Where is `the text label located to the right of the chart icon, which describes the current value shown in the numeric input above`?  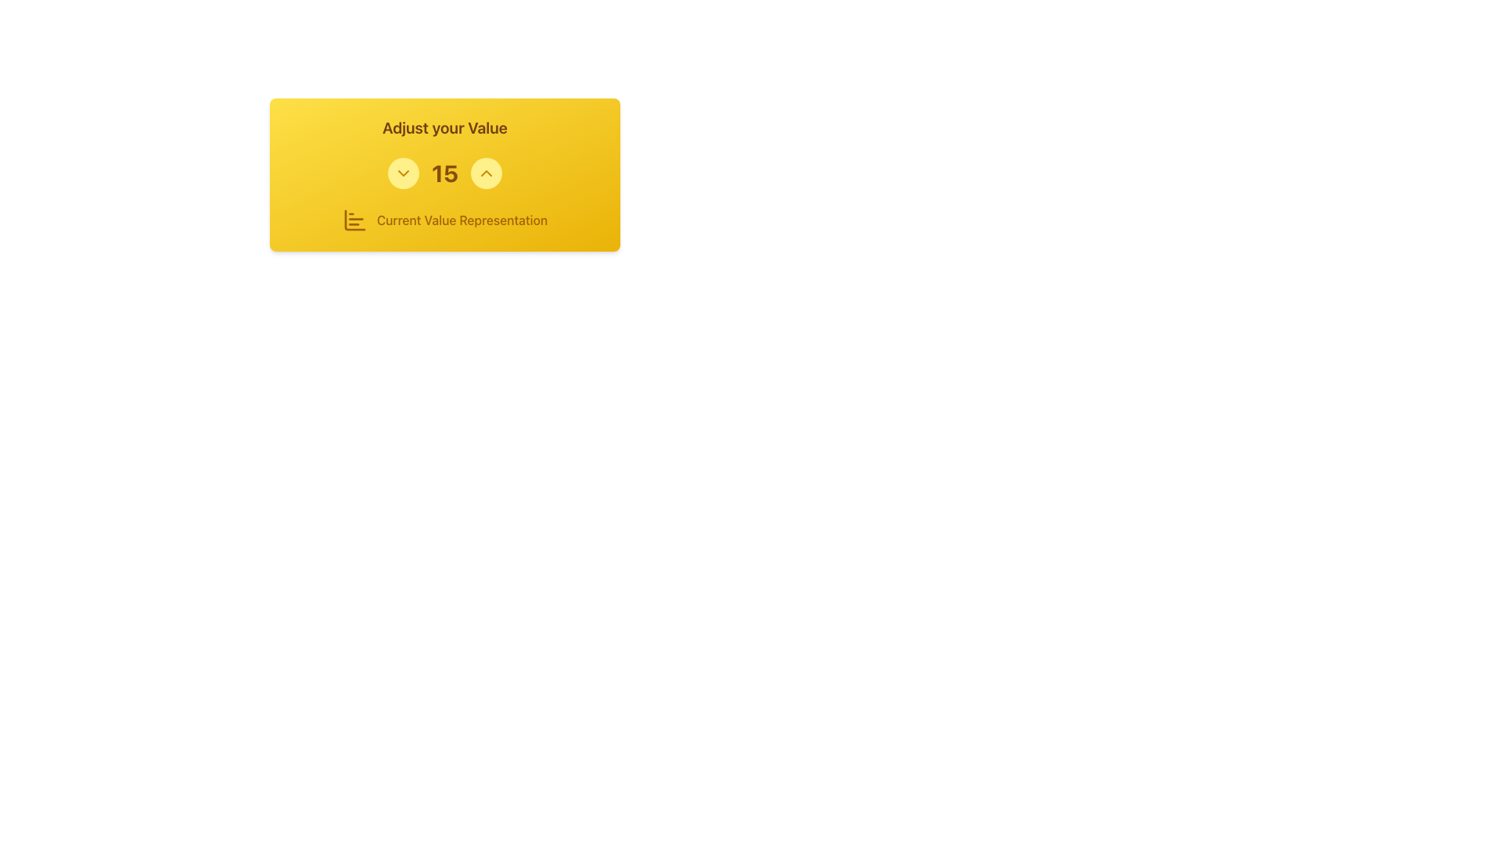
the text label located to the right of the chart icon, which describes the current value shown in the numeric input above is located at coordinates (461, 220).